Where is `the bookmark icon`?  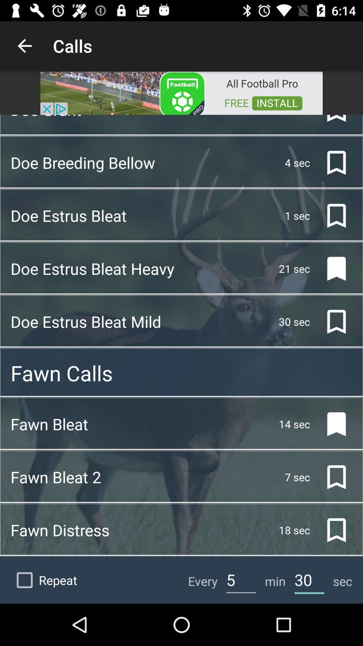 the bookmark icon is located at coordinates (331, 321).